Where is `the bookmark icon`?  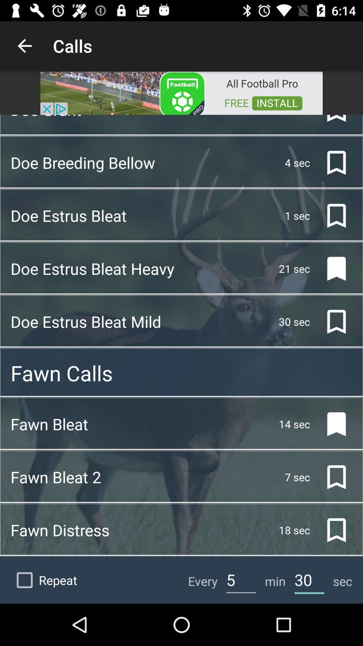 the bookmark icon is located at coordinates (331, 321).